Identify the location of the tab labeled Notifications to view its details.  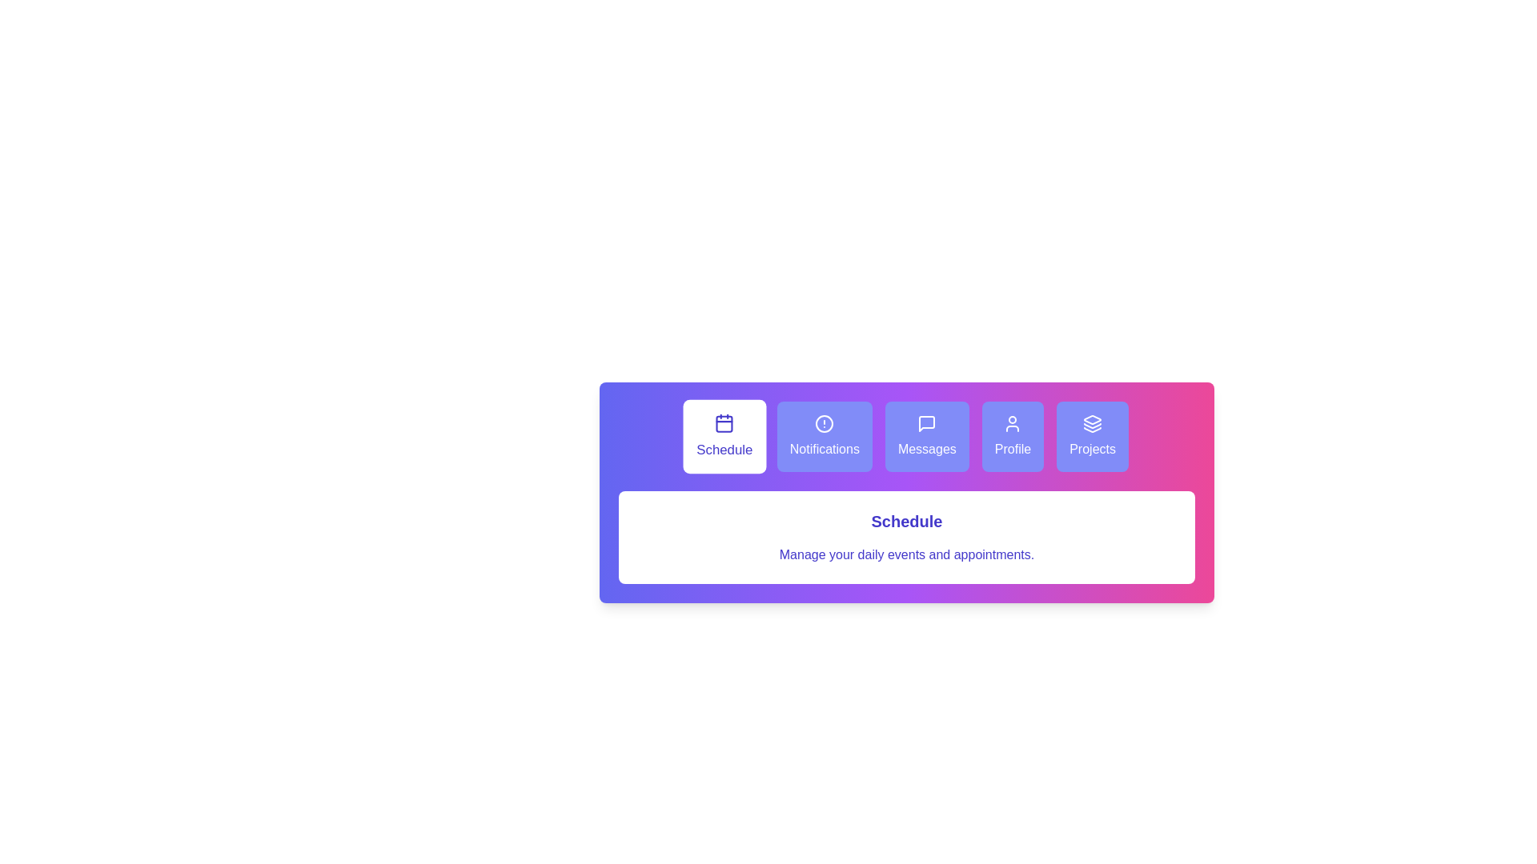
(825, 437).